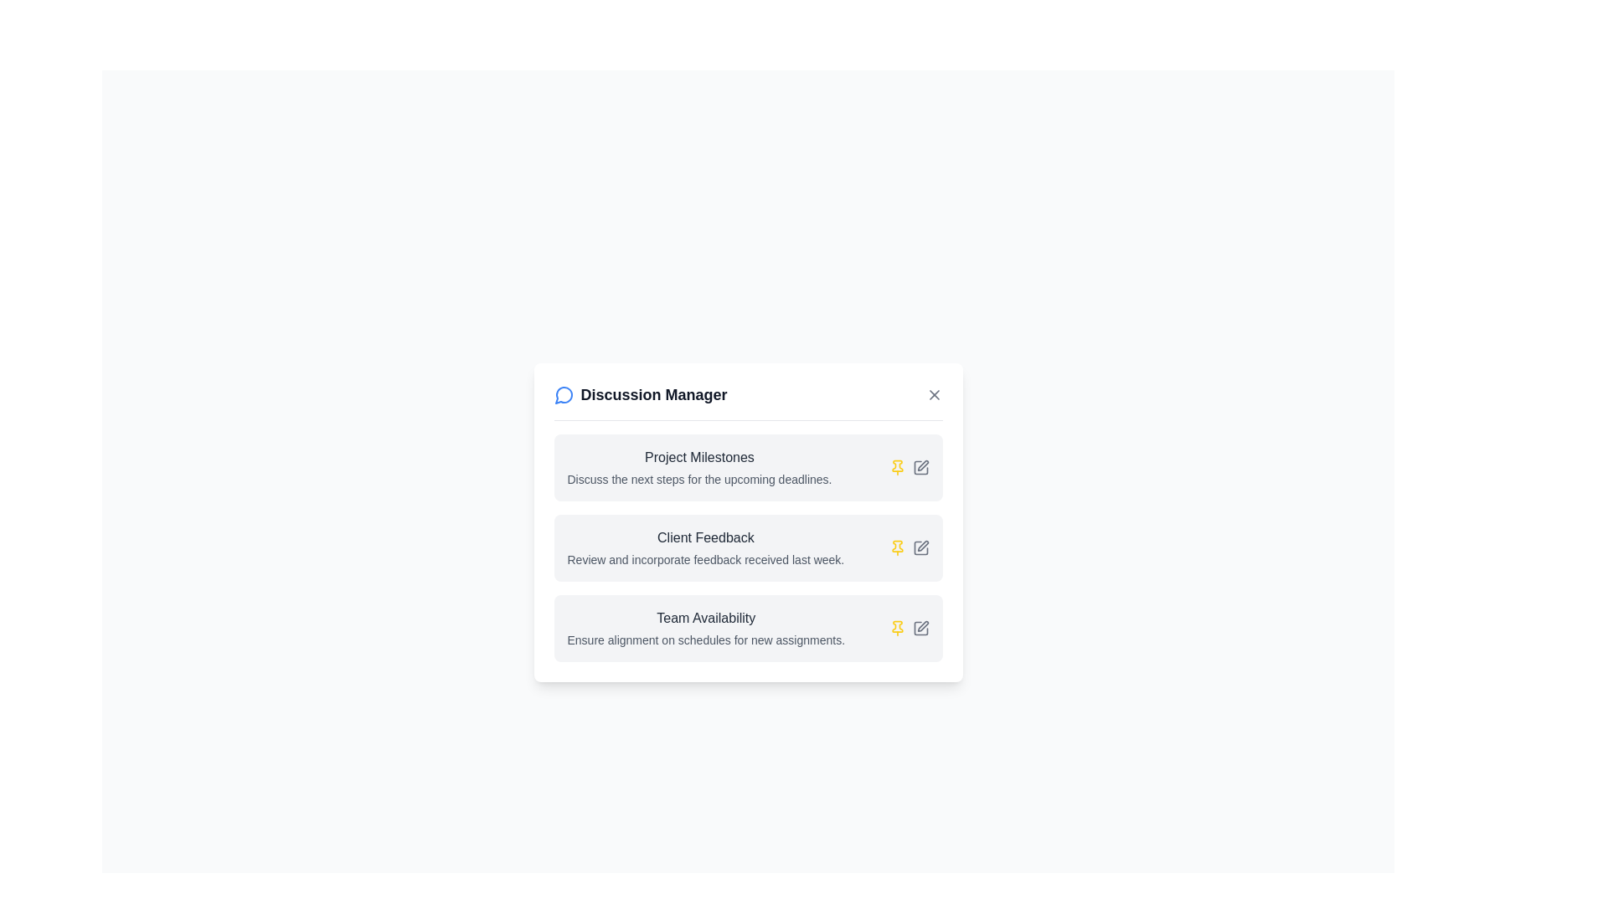  What do you see at coordinates (564, 394) in the screenshot?
I see `the circular outlined speech bubble icon, which is blue and white, located to the right of the 'Discussion Manager' text to associate it with the discussion-related features` at bounding box center [564, 394].